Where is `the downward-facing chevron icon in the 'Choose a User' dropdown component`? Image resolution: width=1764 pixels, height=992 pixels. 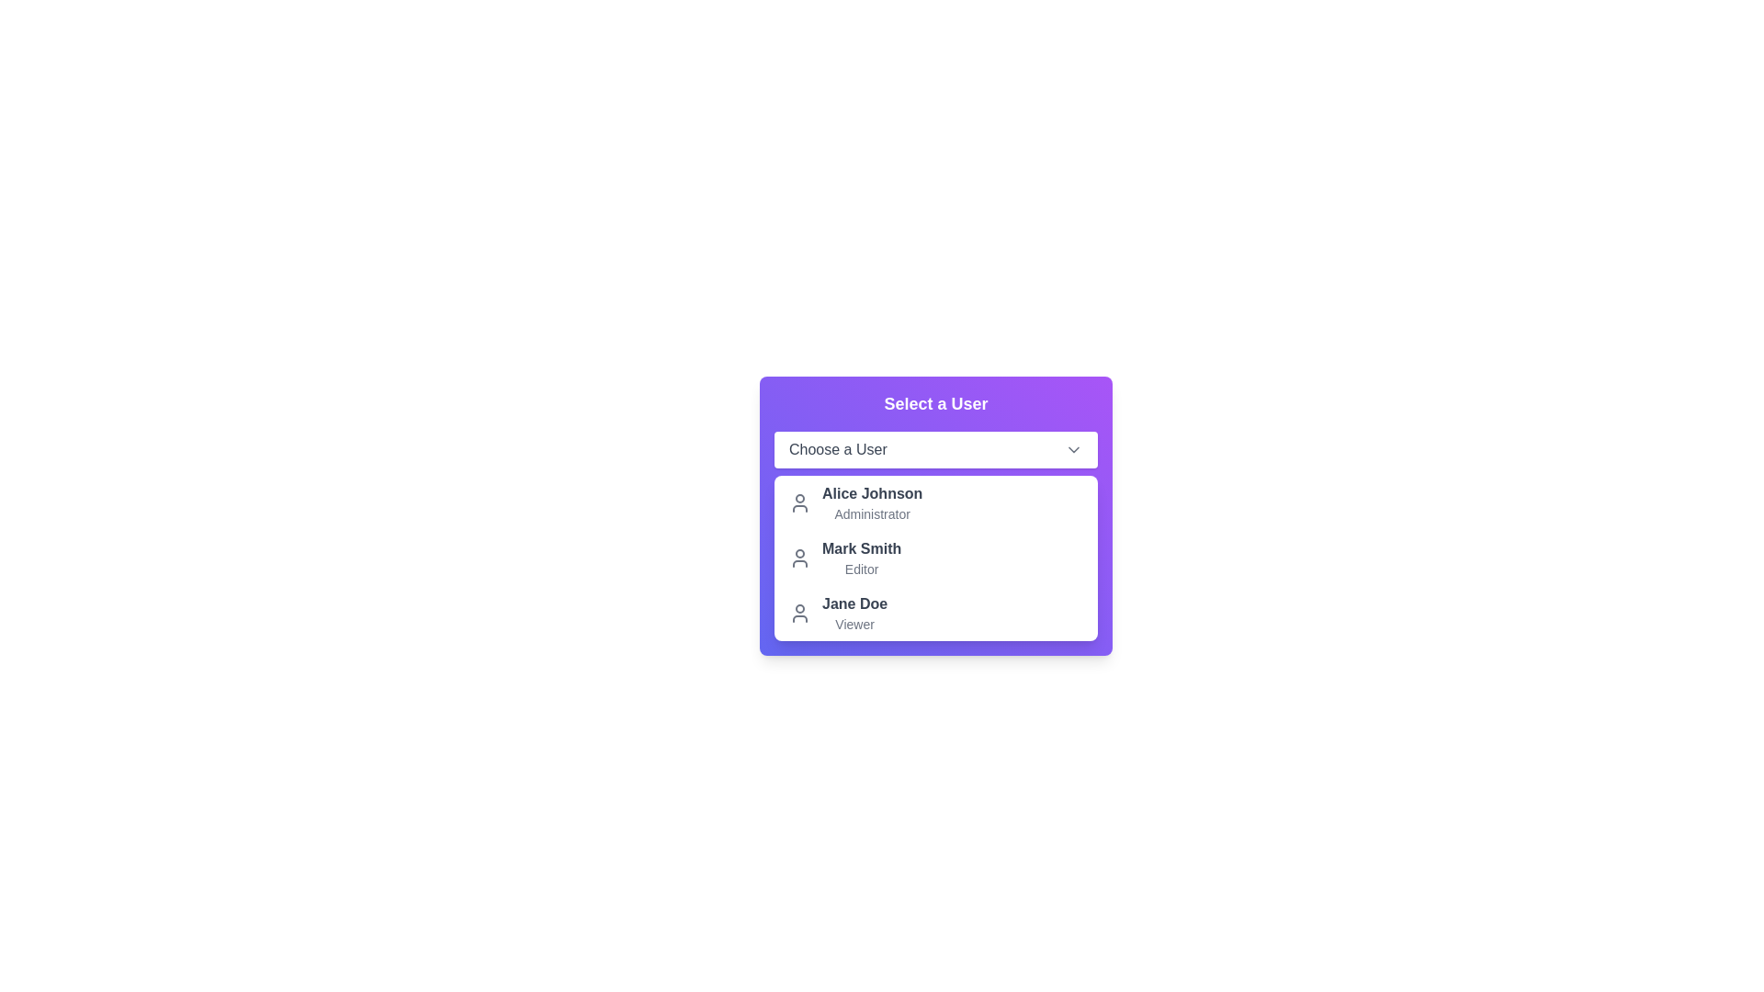
the downward-facing chevron icon in the 'Choose a User' dropdown component is located at coordinates (1074, 449).